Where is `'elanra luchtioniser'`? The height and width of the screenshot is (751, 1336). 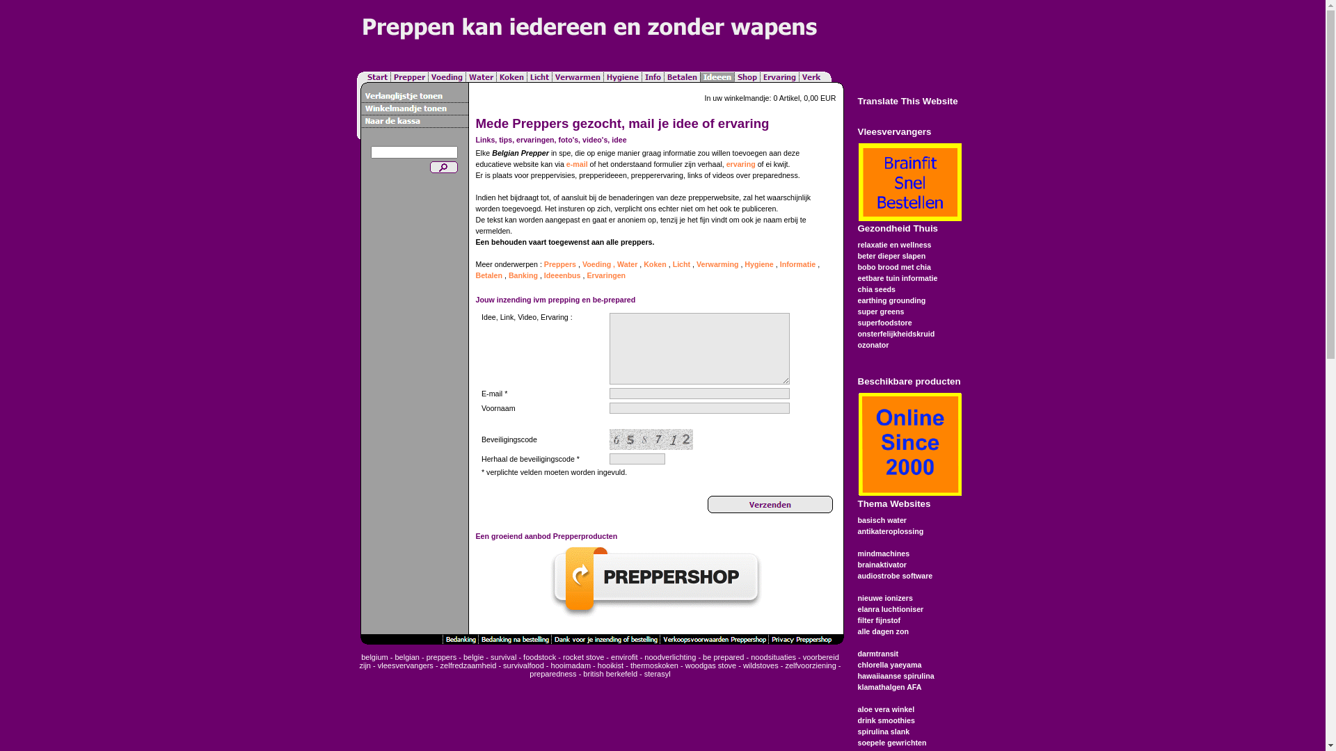
'elanra luchtioniser' is located at coordinates (889, 608).